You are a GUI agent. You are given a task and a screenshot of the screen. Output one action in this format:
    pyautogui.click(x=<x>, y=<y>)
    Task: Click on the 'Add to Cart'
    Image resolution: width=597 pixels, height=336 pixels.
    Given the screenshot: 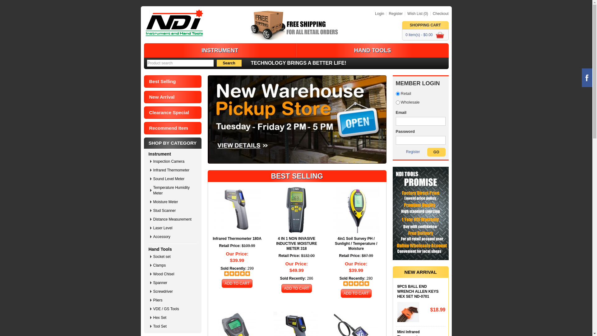 What is the action you would take?
    pyautogui.click(x=237, y=283)
    